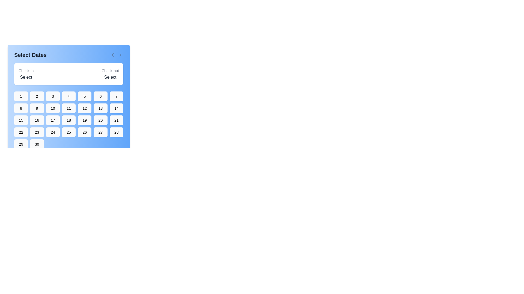 The height and width of the screenshot is (294, 524). Describe the element at coordinates (116, 108) in the screenshot. I see `the button representing a date, which is the fourteenth button in a grid layout located in the second row, seventh column` at that location.